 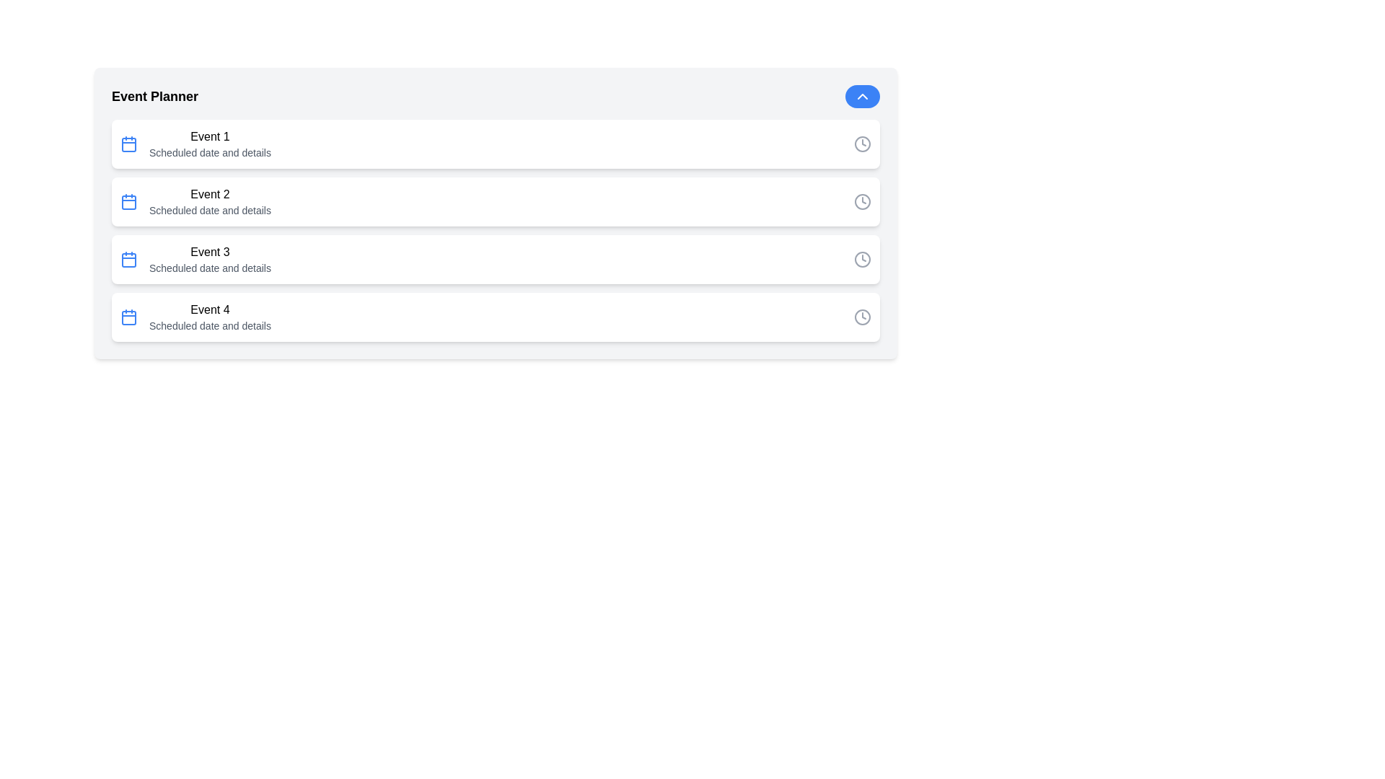 What do you see at coordinates (209, 202) in the screenshot?
I see `text from the text-based informative section titled 'Event 2' which displays 'Scheduled date and details' beneath it` at bounding box center [209, 202].